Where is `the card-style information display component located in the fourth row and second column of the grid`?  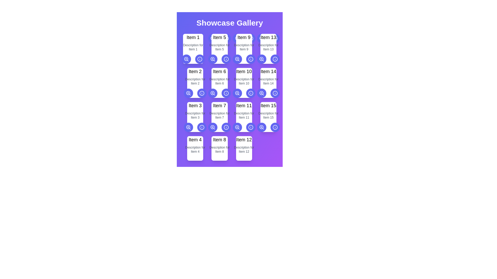
the card-style information display component located in the fourth row and second column of the grid is located at coordinates (244, 117).